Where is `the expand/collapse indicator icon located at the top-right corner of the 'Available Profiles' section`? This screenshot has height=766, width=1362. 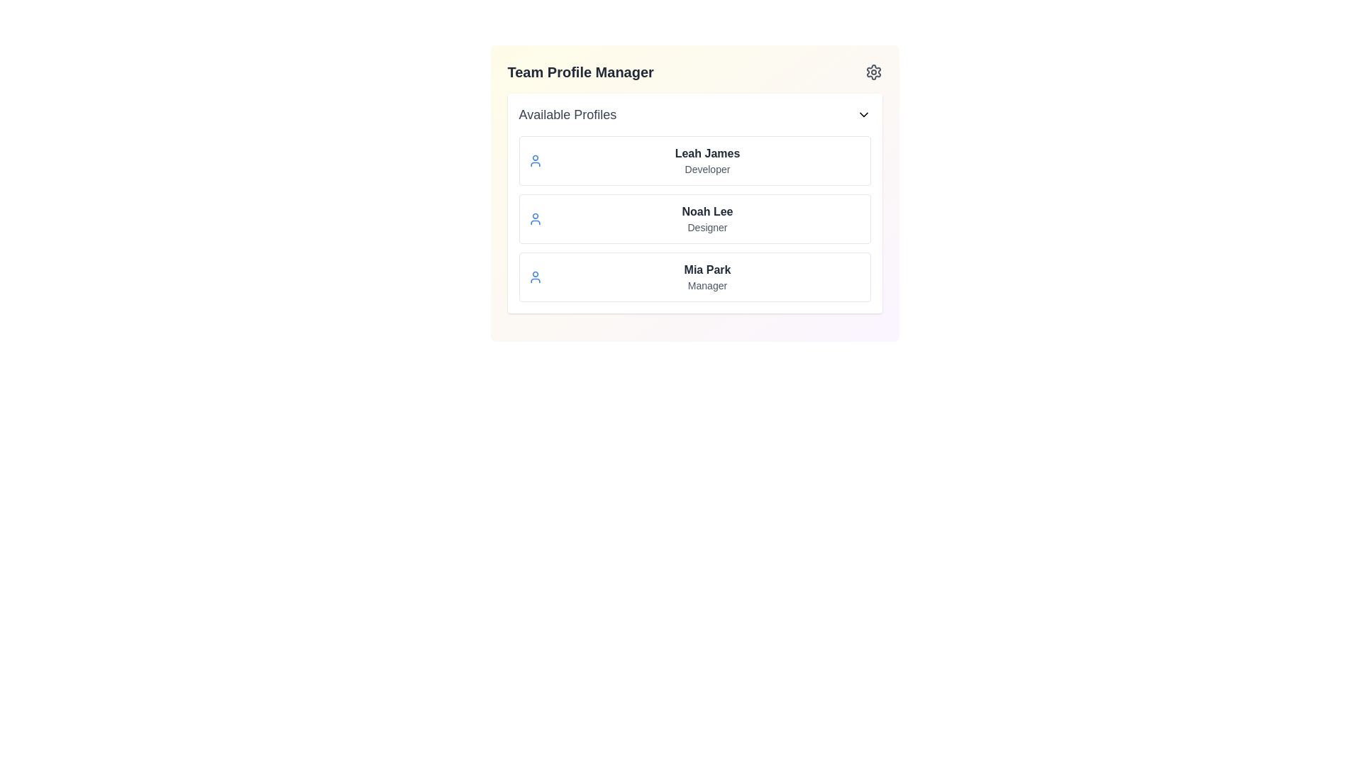
the expand/collapse indicator icon located at the top-right corner of the 'Available Profiles' section is located at coordinates (863, 114).